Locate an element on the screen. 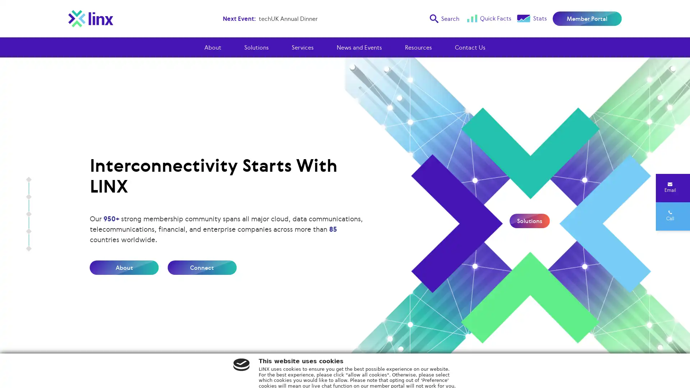 This screenshot has width=690, height=388. Search is located at coordinates (444, 18).